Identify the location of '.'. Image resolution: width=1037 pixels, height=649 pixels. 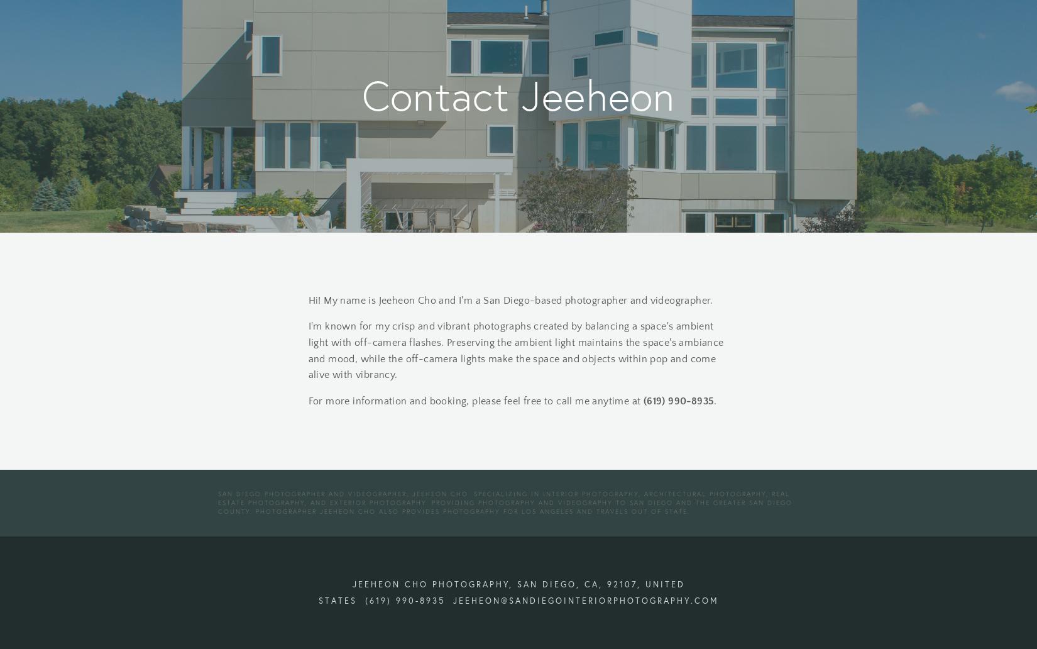
(715, 400).